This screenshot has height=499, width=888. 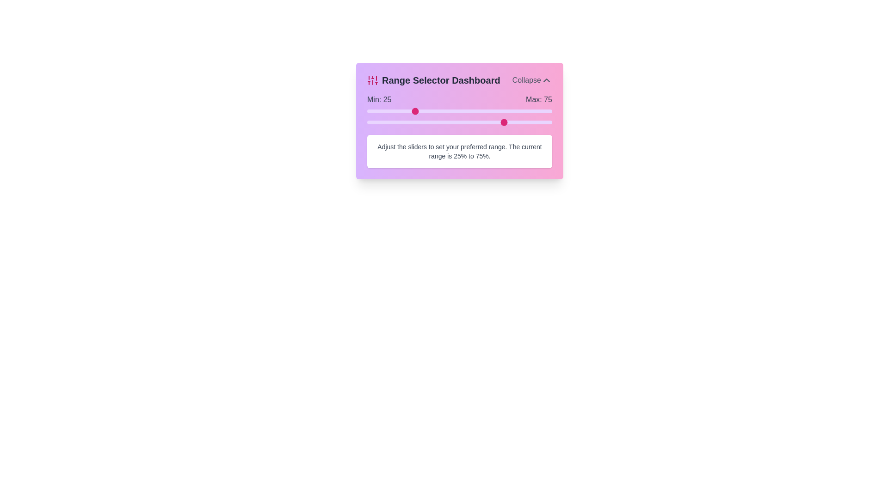 I want to click on the maximum range slider to 61%, so click(x=480, y=122).